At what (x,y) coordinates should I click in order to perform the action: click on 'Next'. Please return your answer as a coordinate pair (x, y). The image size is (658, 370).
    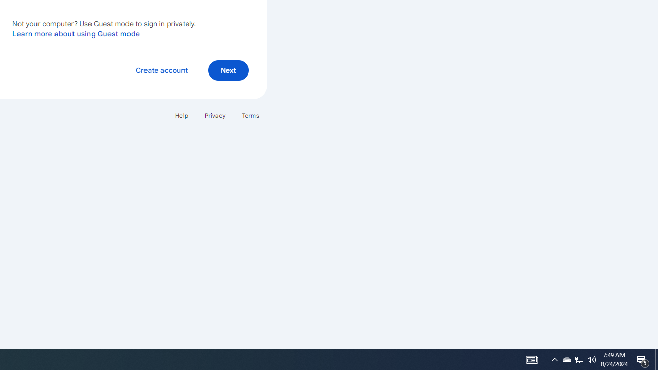
    Looking at the image, I should click on (228, 69).